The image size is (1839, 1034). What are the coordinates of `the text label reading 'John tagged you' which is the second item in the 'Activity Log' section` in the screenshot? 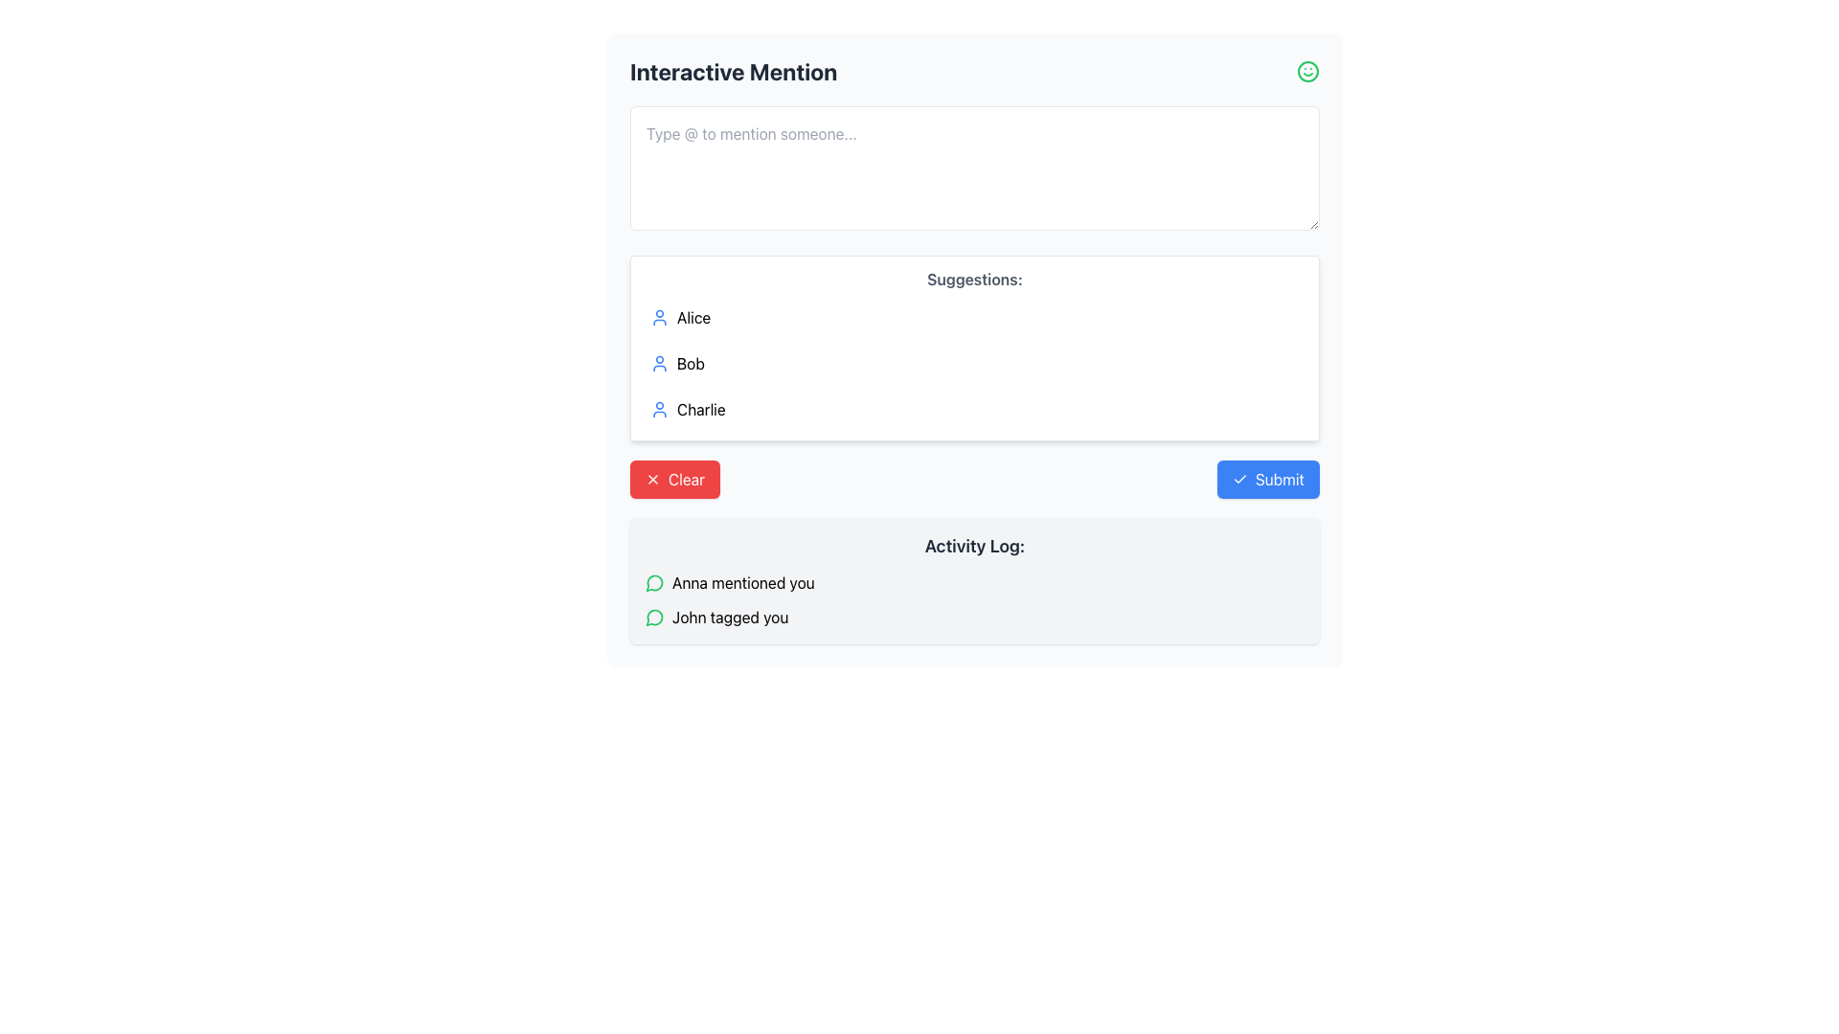 It's located at (729, 617).